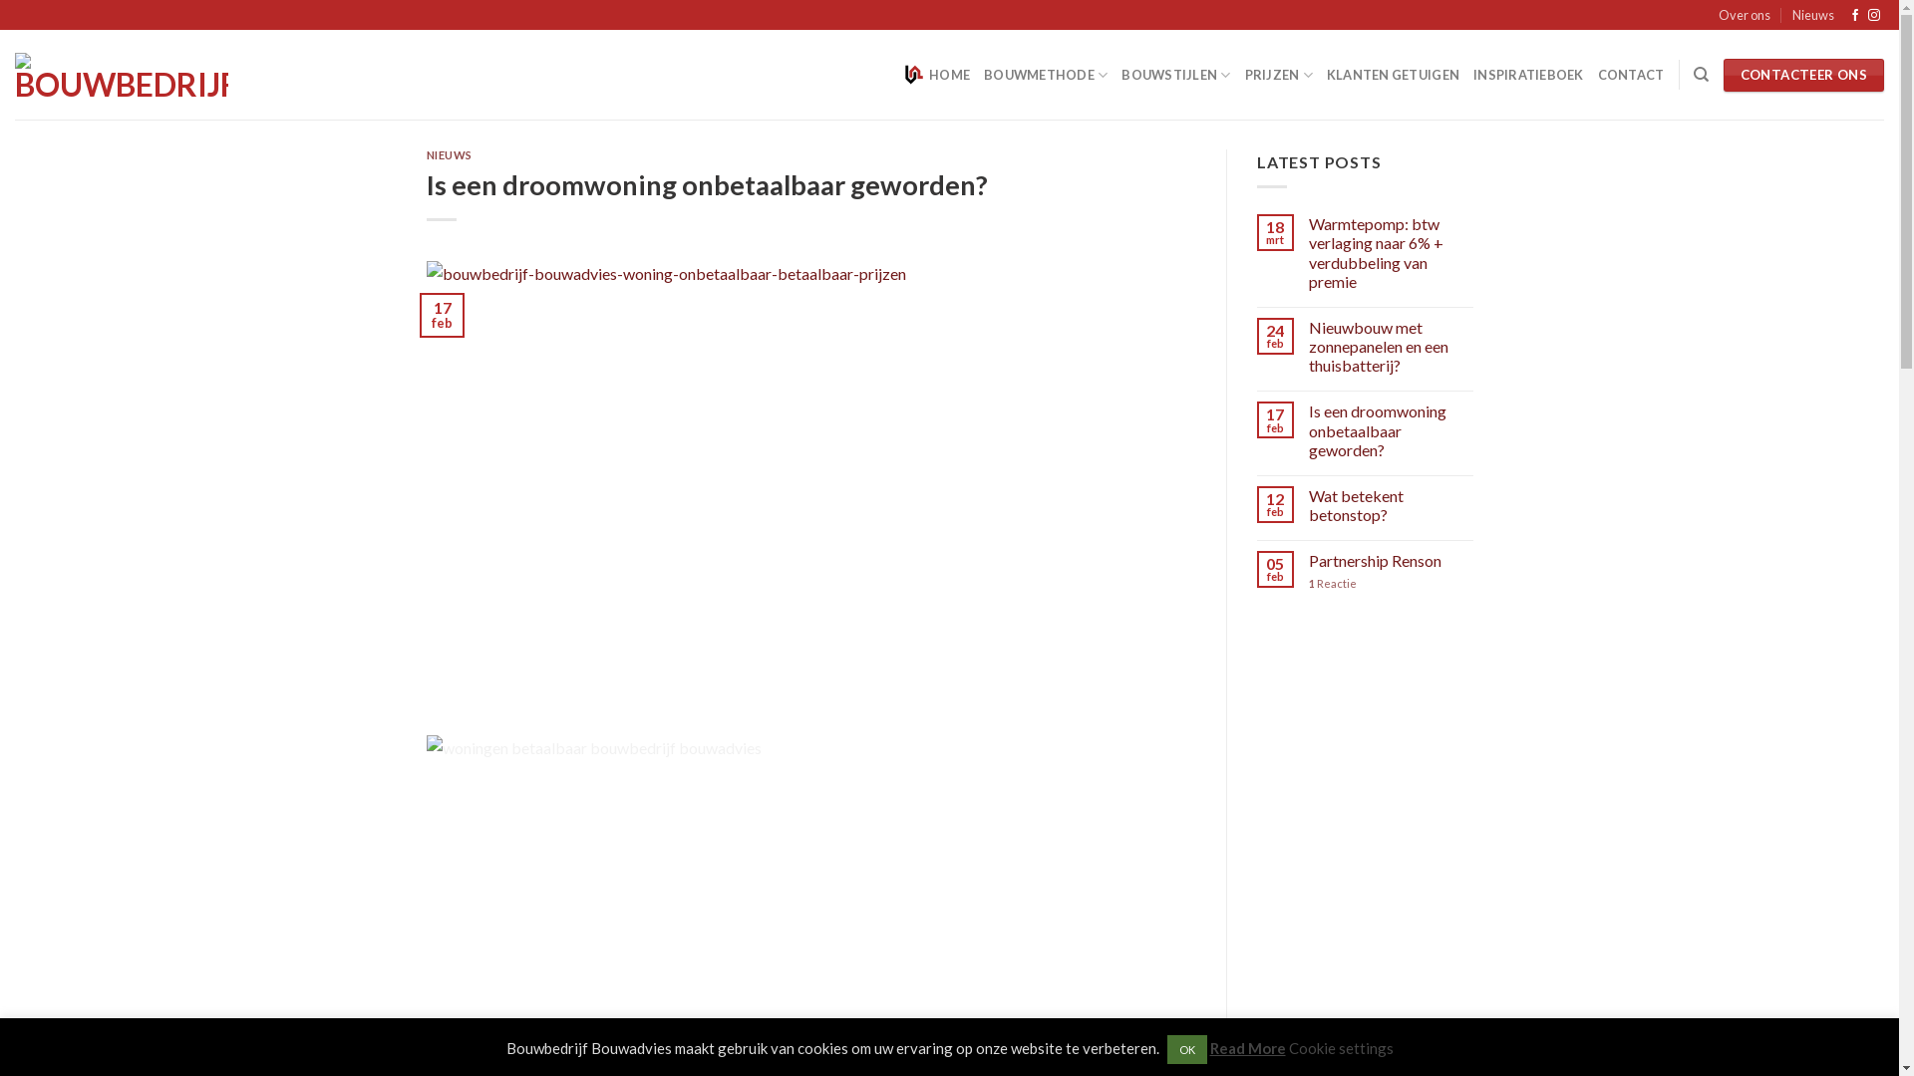  What do you see at coordinates (936, 73) in the screenshot?
I see `'HOME'` at bounding box center [936, 73].